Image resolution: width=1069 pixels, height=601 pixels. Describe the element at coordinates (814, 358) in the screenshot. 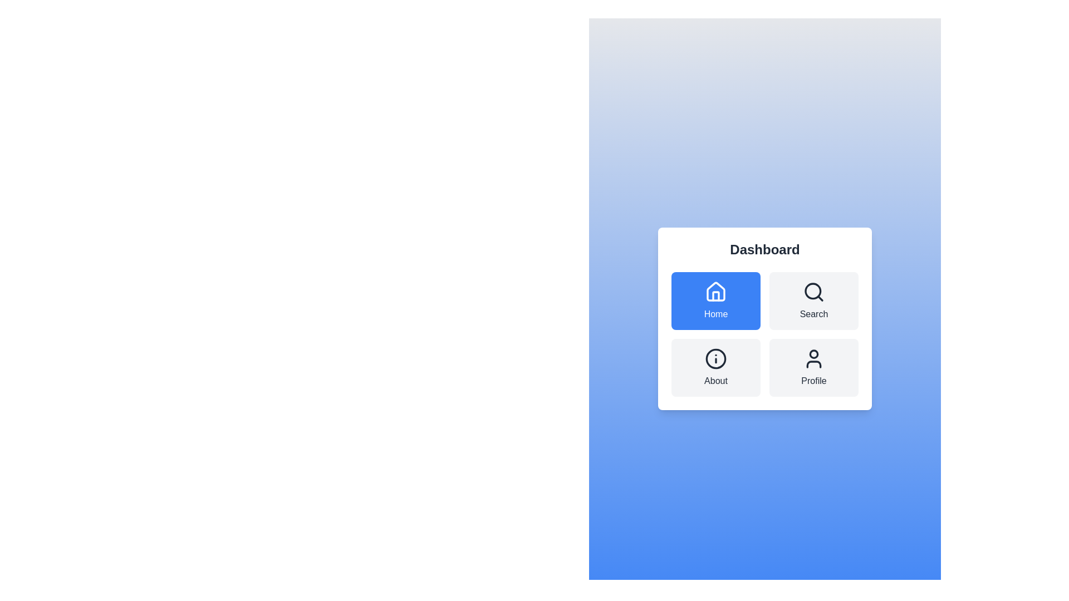

I see `the minimalist person icon located in the bottom-right corner of the grid layout, which is above the 'Profile' label` at that location.